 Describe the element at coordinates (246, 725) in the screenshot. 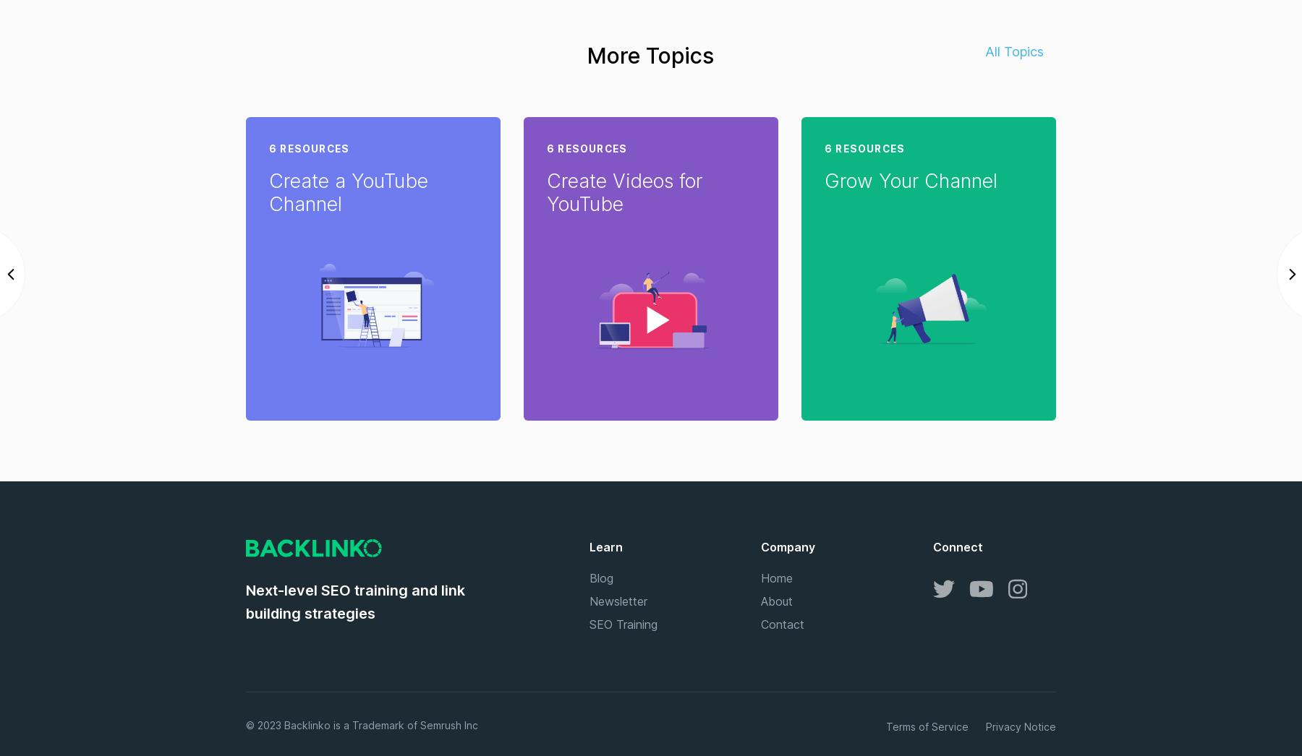

I see `'© 2023 Backlinko is a Trademark of Semrush Inc'` at that location.